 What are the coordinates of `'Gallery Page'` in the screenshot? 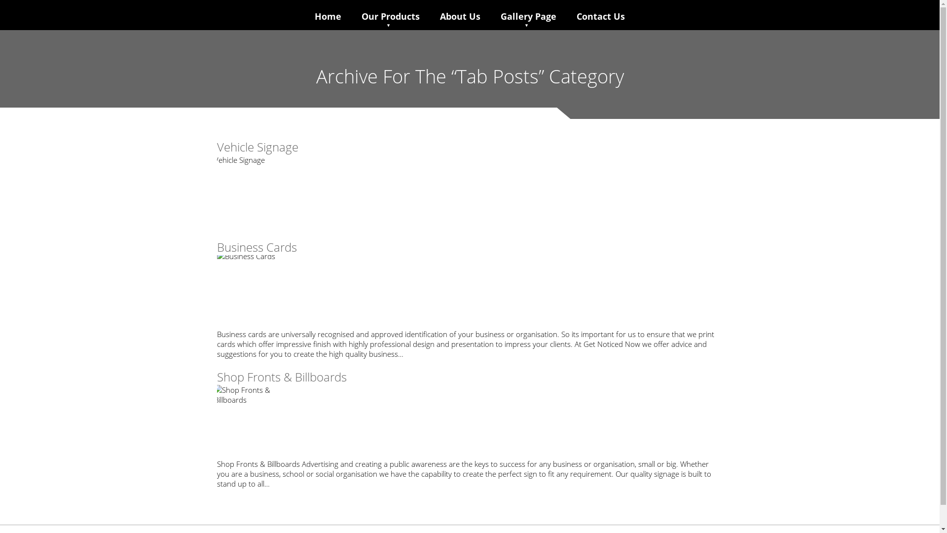 It's located at (527, 16).